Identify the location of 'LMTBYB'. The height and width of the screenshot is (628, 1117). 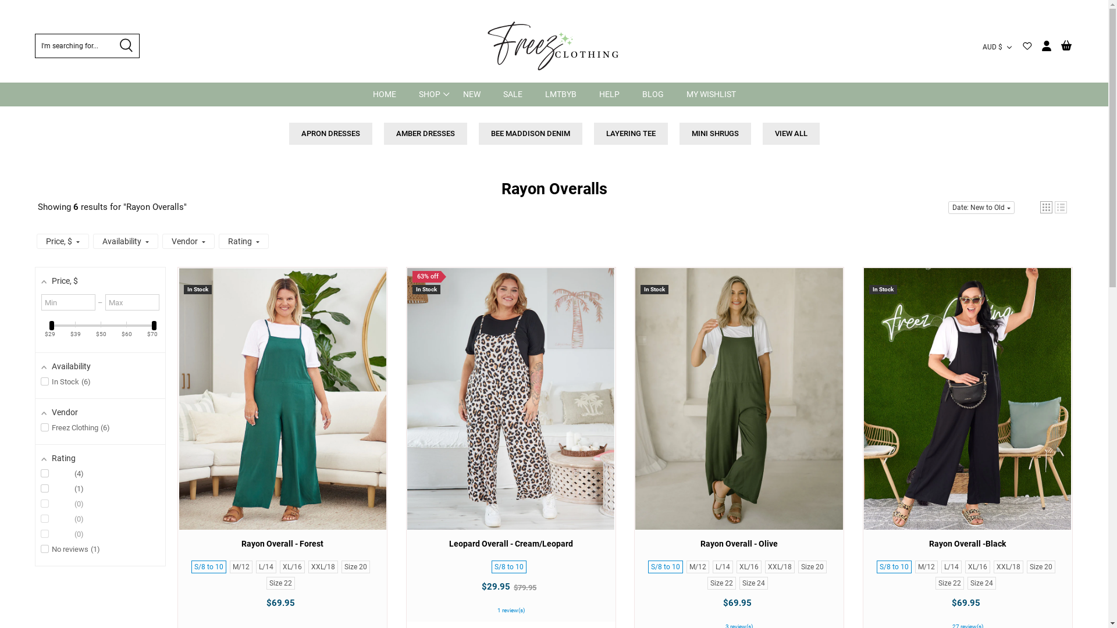
(560, 94).